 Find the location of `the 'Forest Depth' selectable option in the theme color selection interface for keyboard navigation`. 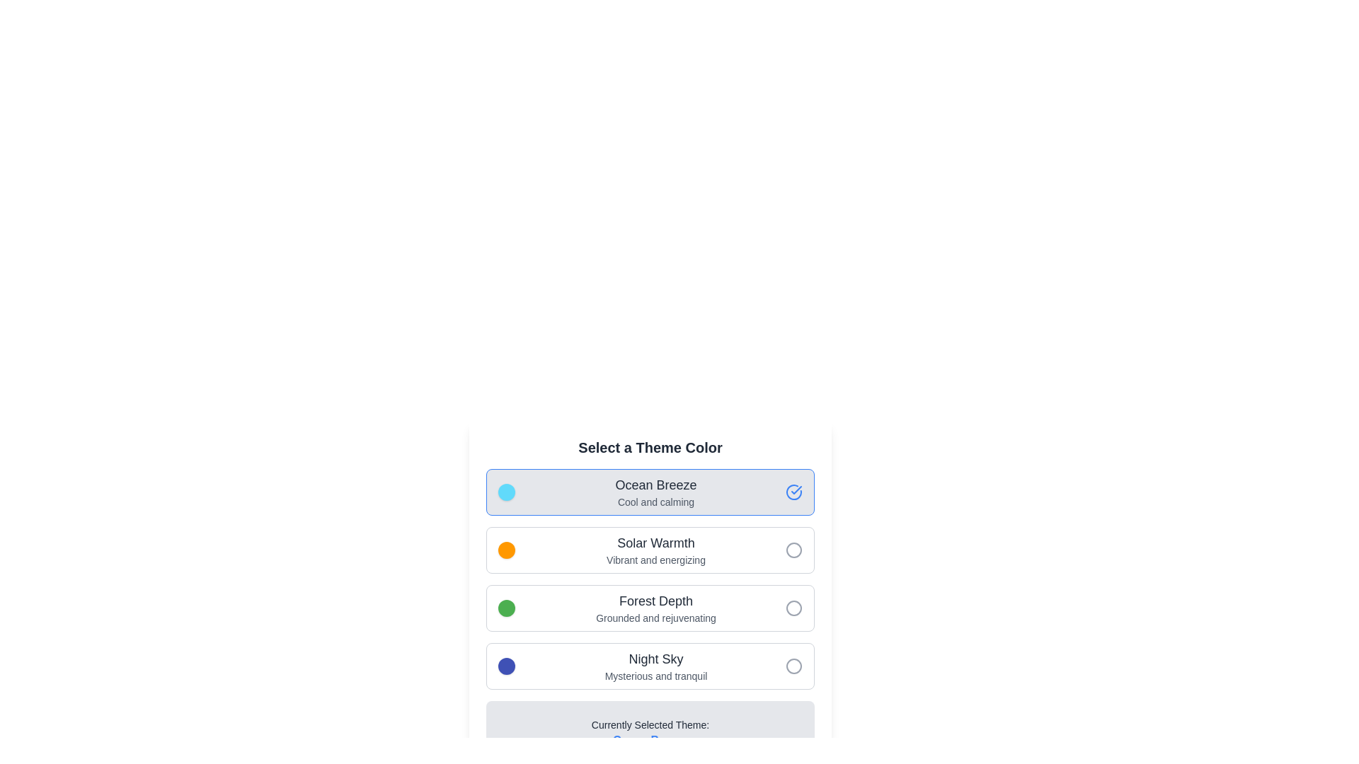

the 'Forest Depth' selectable option in the theme color selection interface for keyboard navigation is located at coordinates (649, 608).